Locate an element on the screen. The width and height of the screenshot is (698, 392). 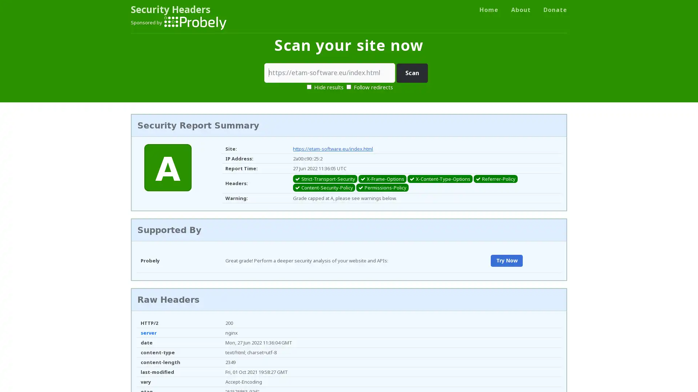
Try Now is located at coordinates (506, 260).